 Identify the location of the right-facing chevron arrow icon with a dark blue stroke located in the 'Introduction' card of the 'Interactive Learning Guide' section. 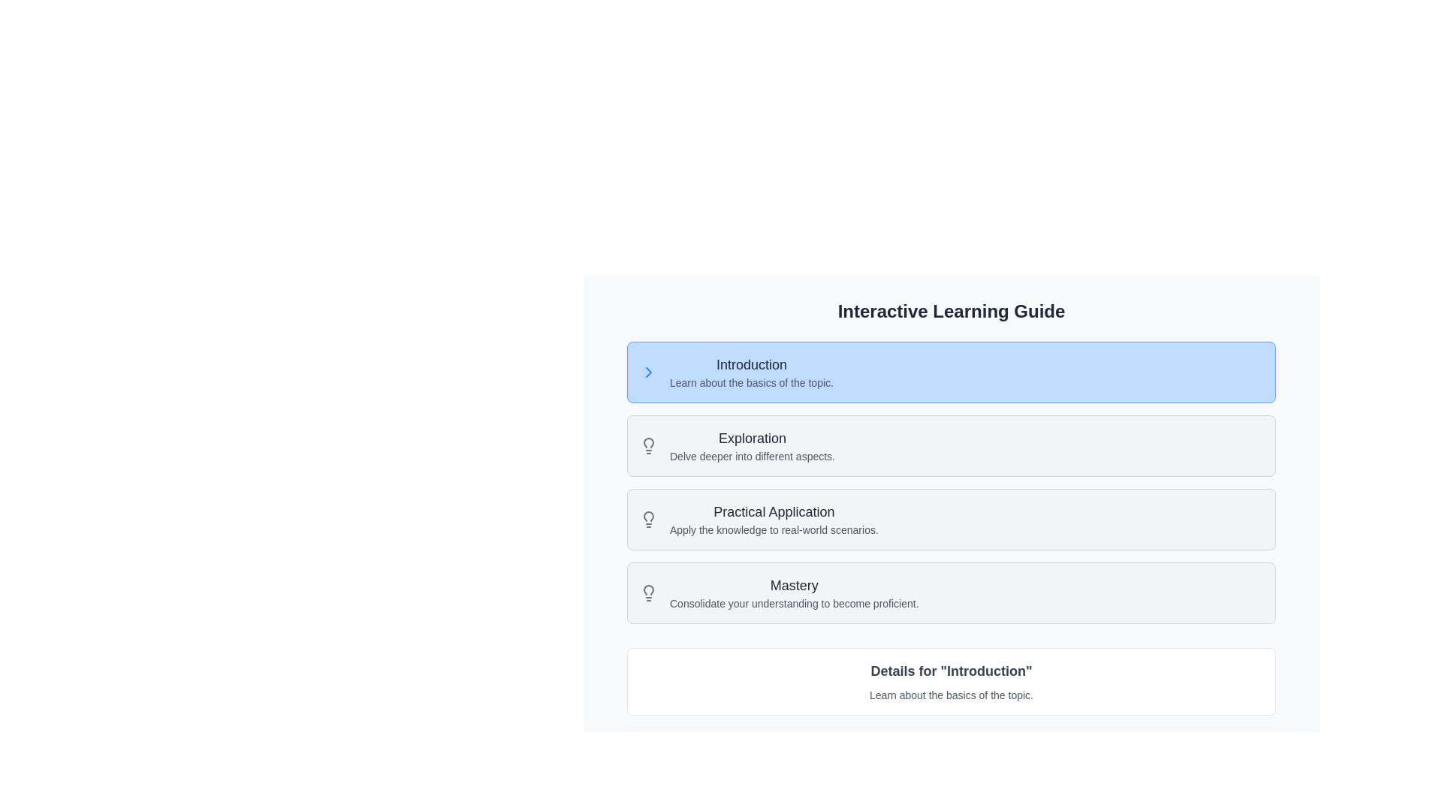
(649, 372).